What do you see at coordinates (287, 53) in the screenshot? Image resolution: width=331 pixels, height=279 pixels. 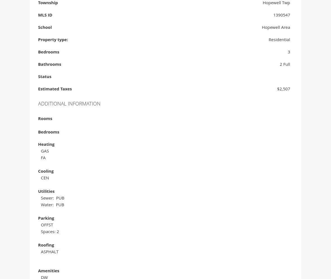 I see `'3'` at bounding box center [287, 53].